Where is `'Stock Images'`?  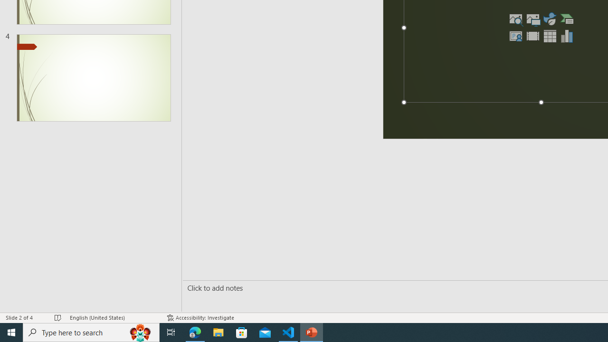
'Stock Images' is located at coordinates (515, 19).